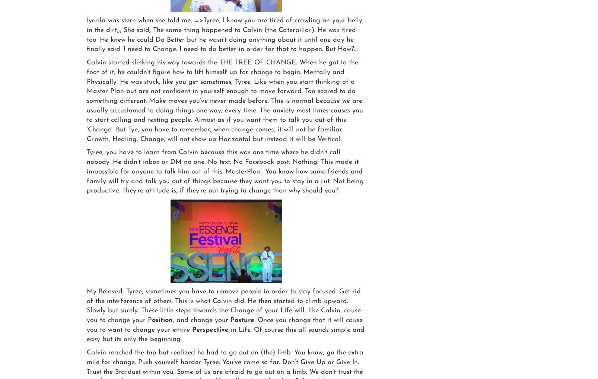  Describe the element at coordinates (225, 35) in the screenshot. I see `'Iyanla was stern when she told me, =>Tyree, I know you are tired of crawling on your belly, in the dirt,,, She said, The same thing happened to Calvin (the Caterpillar). He was tired too. He knew he could Do Better but he wasn’t doing anything about it until one day he finally said ‘I need to Change. I need to do better in order for that to happen. But How?…'` at that location.